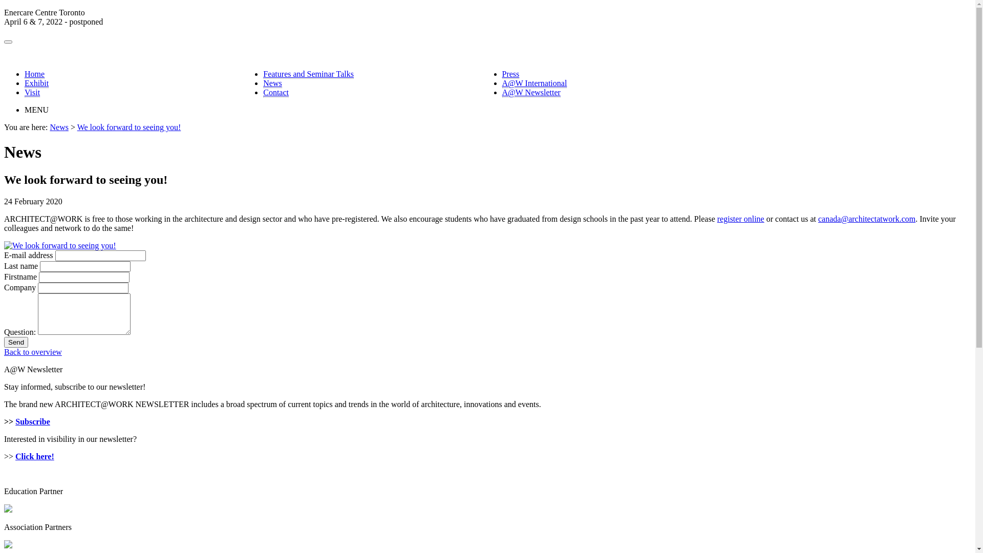 The width and height of the screenshot is (983, 553). Describe the element at coordinates (16, 342) in the screenshot. I see `'Send'` at that location.